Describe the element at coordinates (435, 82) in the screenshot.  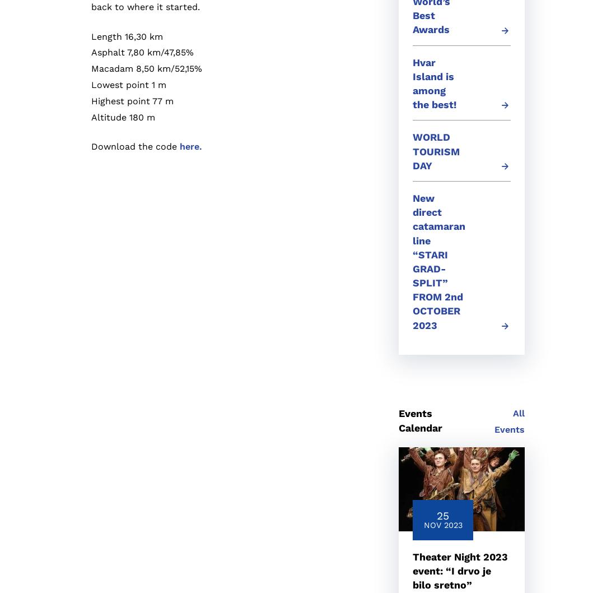
I see `'Hvar Island is among the best!'` at that location.